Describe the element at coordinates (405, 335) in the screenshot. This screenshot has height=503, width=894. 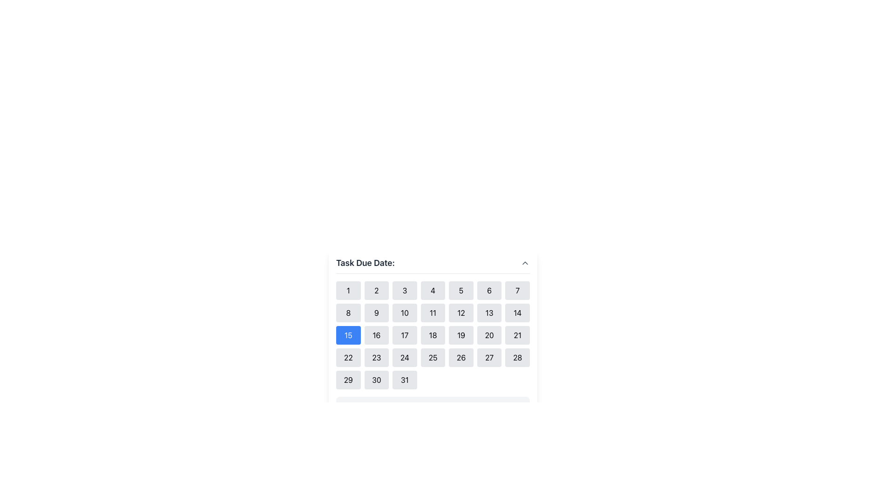
I see `the button displaying the number '17'` at that location.